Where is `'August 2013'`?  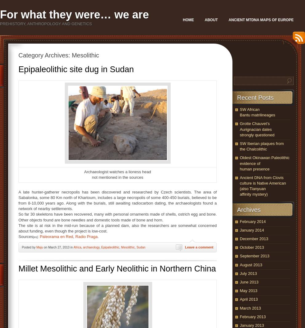 'August 2013' is located at coordinates (240, 264).